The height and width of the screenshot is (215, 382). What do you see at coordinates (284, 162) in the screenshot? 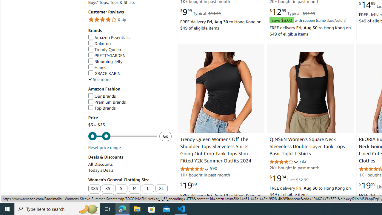
I see `'4.2 out of 5 stars'` at bounding box center [284, 162].